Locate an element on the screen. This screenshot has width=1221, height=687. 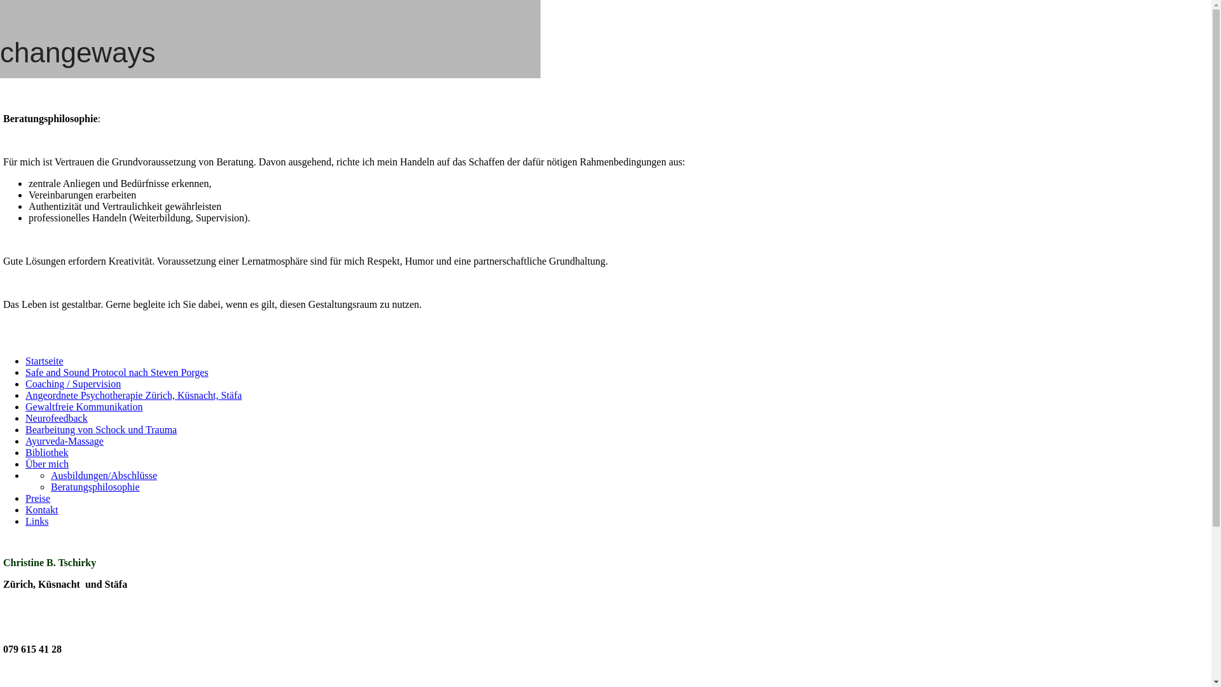
'Kontakt' is located at coordinates (42, 509).